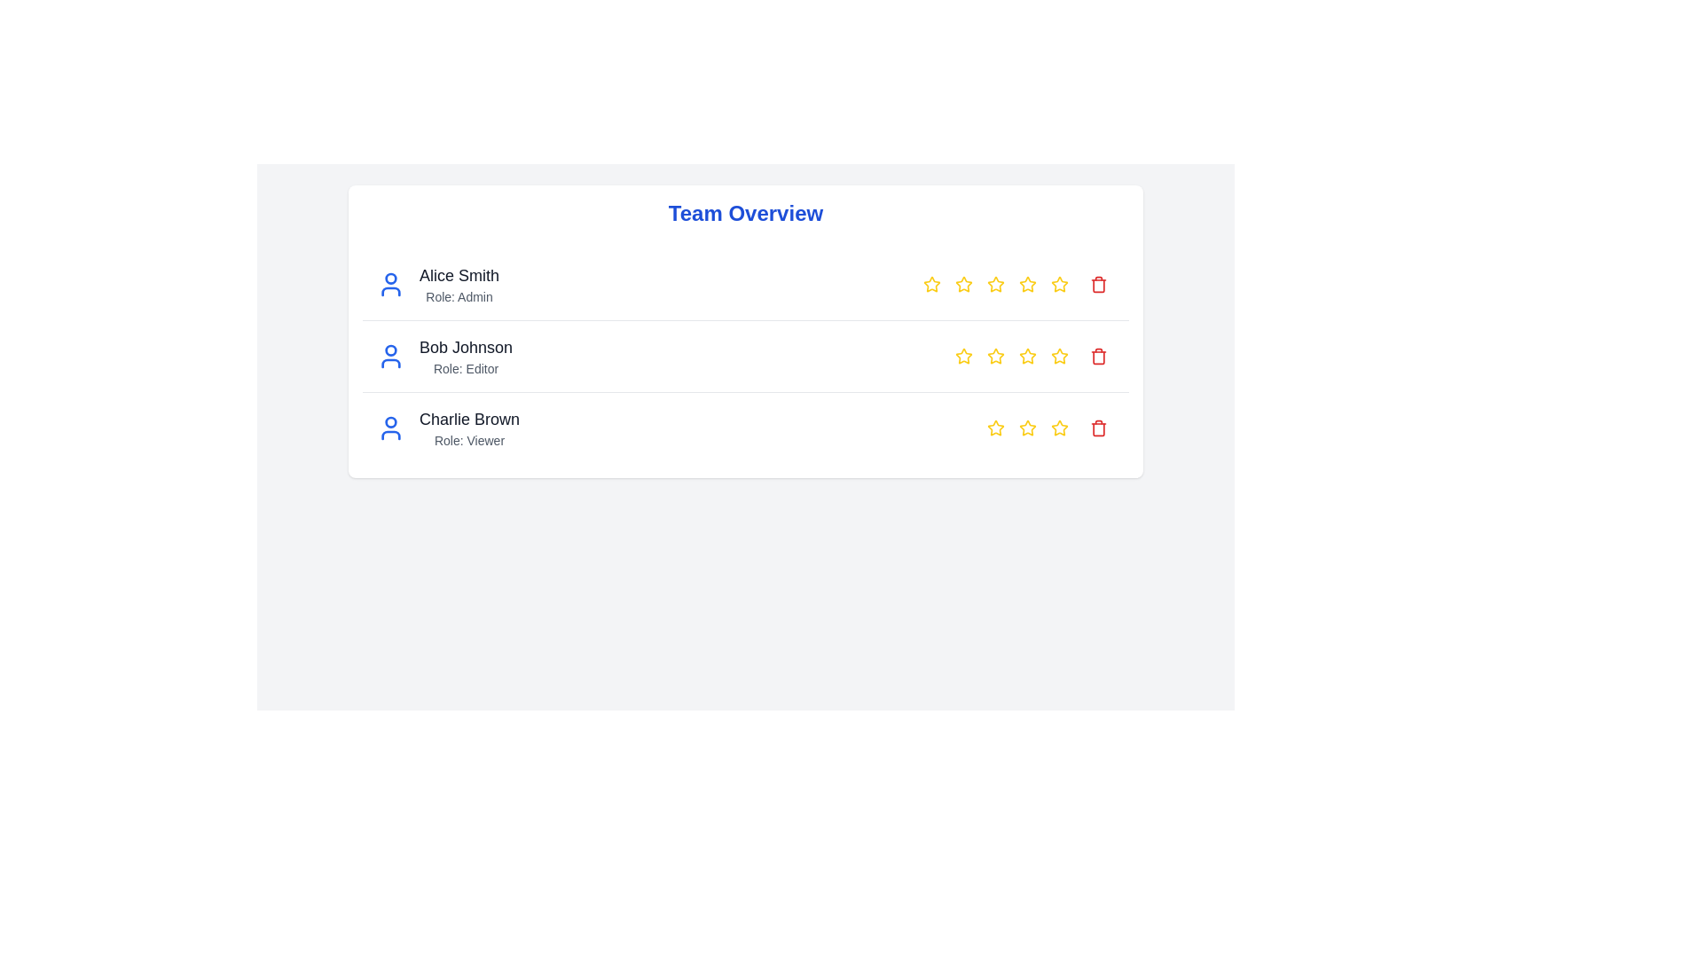 The image size is (1703, 958). What do you see at coordinates (469, 440) in the screenshot?
I see `the static text label that displays the role associated with 'Charlie Brown', positioned below the 'Charlie Brown' label in the information card` at bounding box center [469, 440].